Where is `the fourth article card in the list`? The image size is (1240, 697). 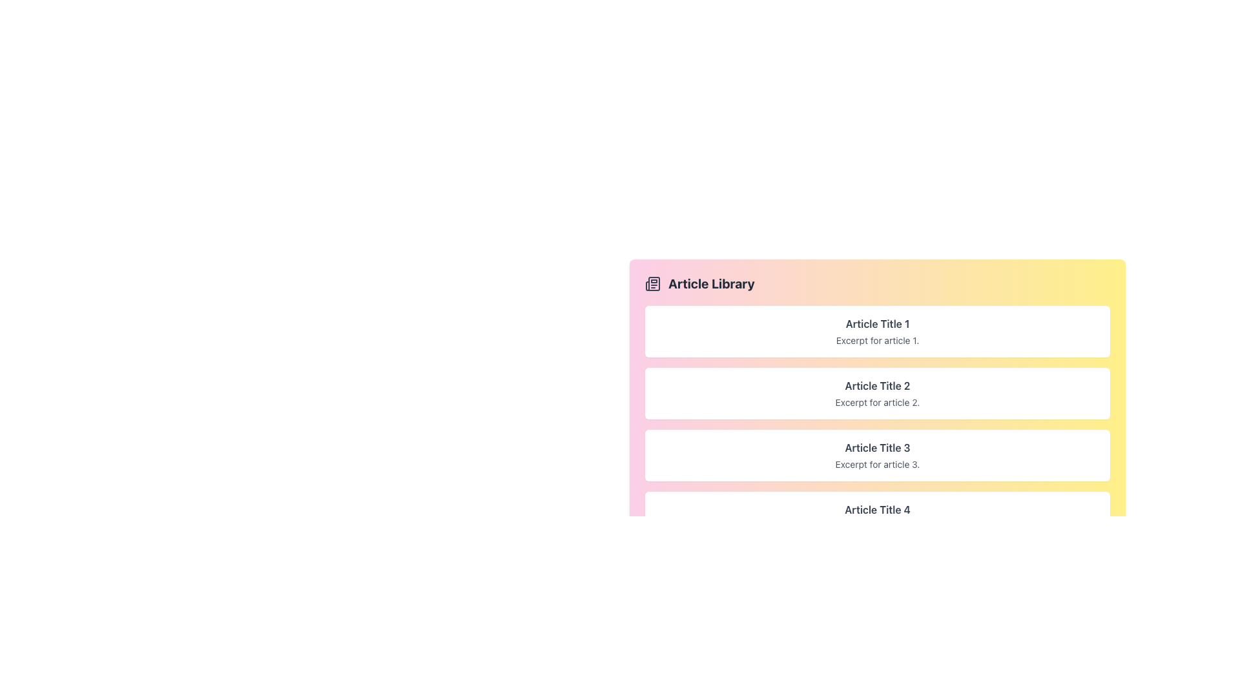 the fourth article card in the list is located at coordinates (877, 517).